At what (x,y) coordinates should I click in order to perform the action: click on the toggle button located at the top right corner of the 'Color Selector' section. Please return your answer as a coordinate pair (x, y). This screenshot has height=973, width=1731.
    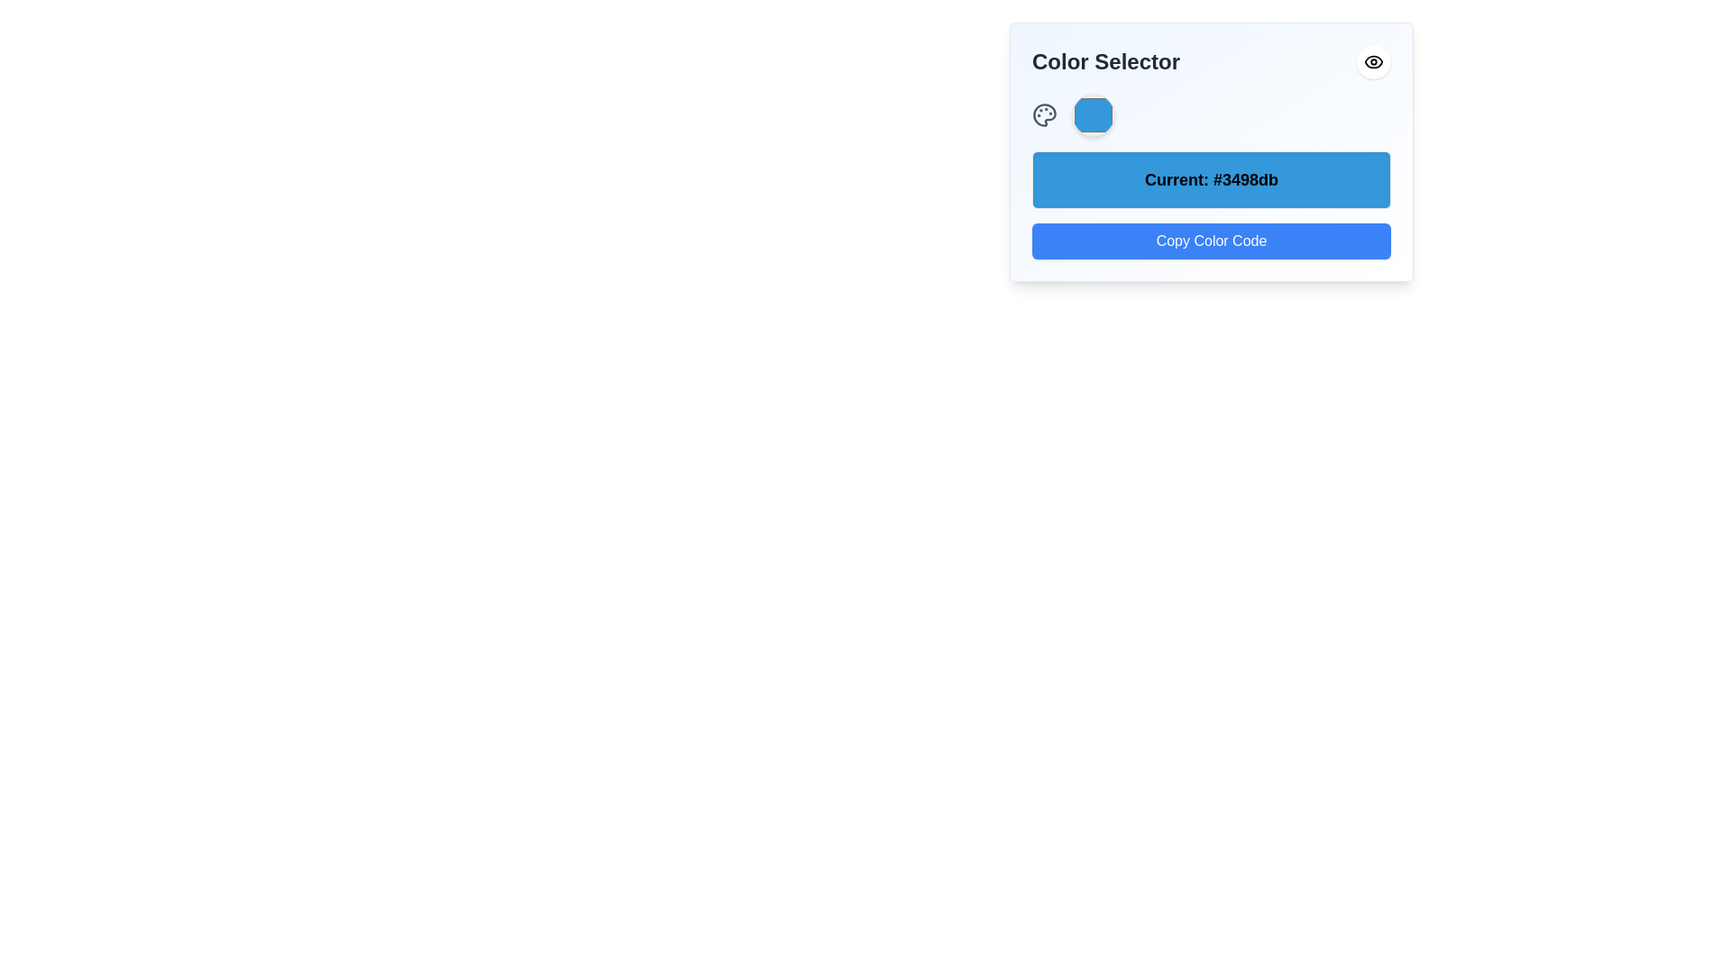
    Looking at the image, I should click on (1372, 61).